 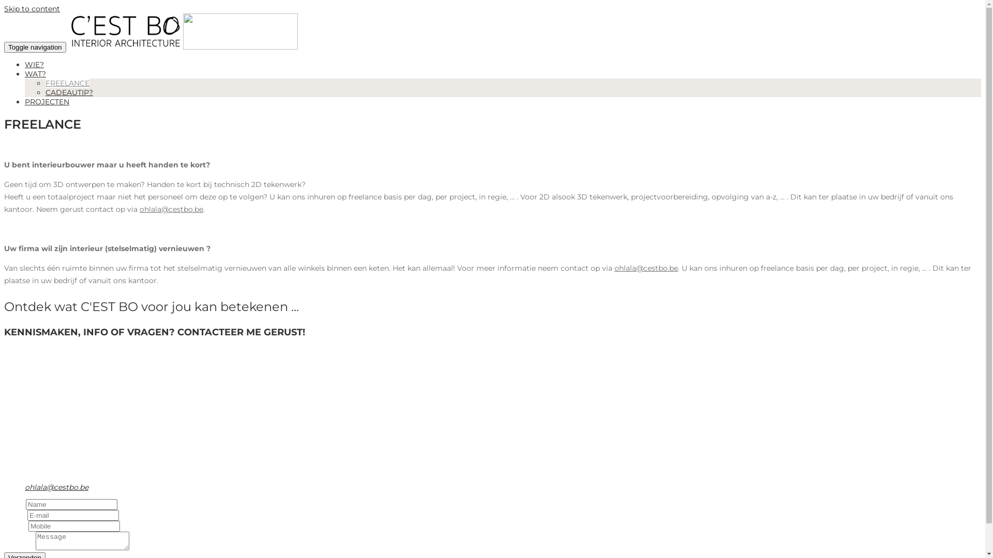 I want to click on 'Toggle navigation', so click(x=35, y=47).